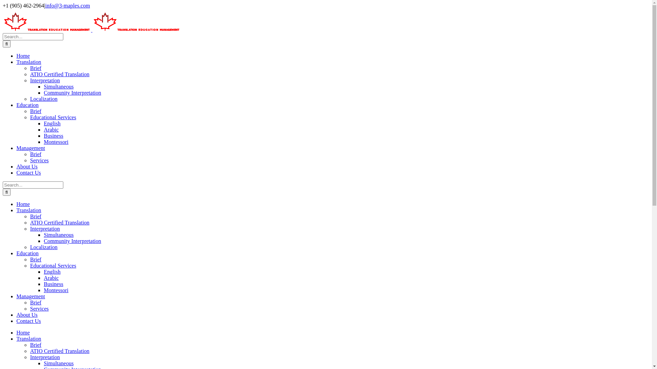 The image size is (657, 369). I want to click on 'Business', so click(53, 136).